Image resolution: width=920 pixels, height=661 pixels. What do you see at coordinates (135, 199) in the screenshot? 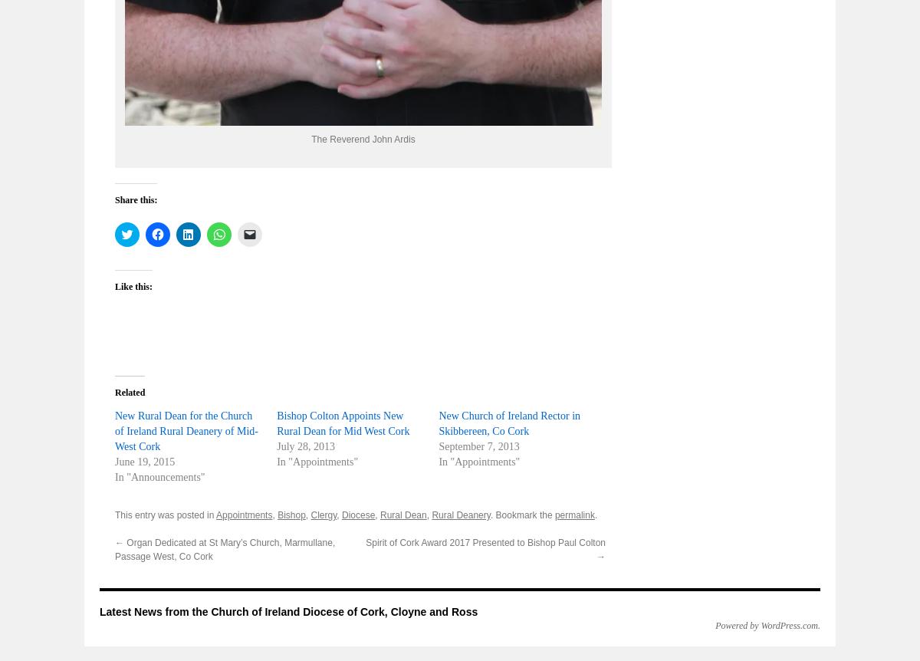
I see `'Share this:'` at bounding box center [135, 199].